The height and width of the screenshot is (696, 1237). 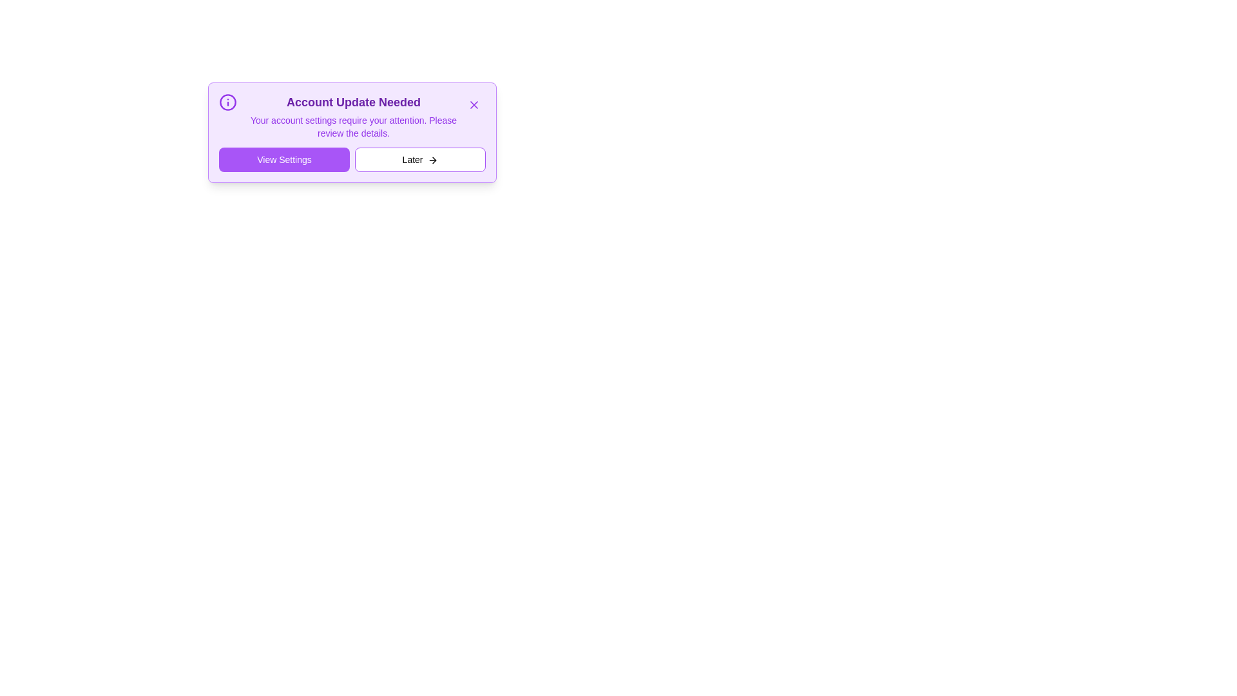 What do you see at coordinates (228, 101) in the screenshot?
I see `the informational icon to reveal additional details` at bounding box center [228, 101].